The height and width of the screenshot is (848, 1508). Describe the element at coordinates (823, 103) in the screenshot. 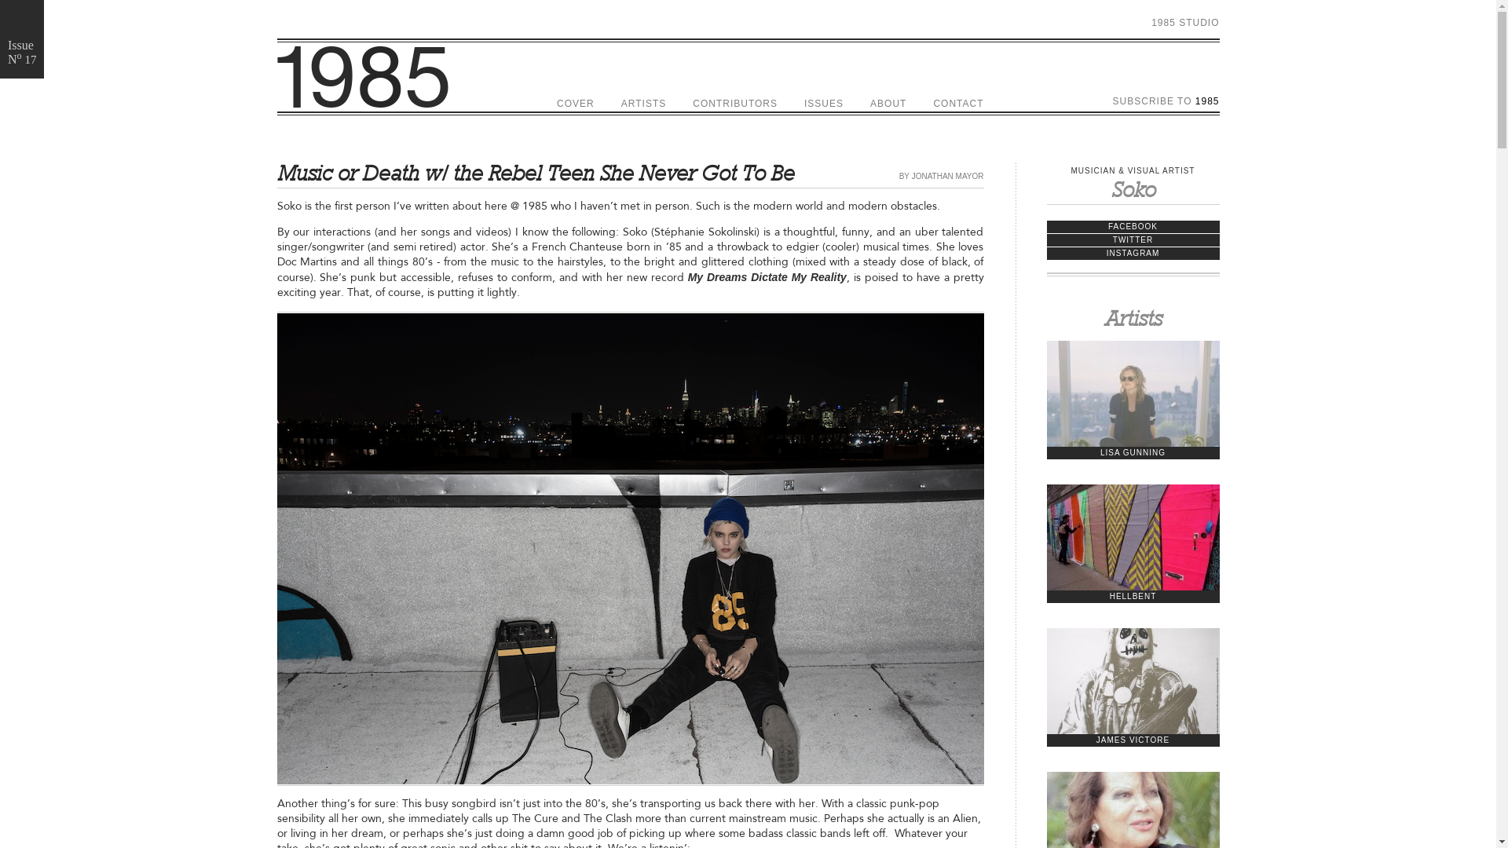

I see `'ISSUES'` at that location.